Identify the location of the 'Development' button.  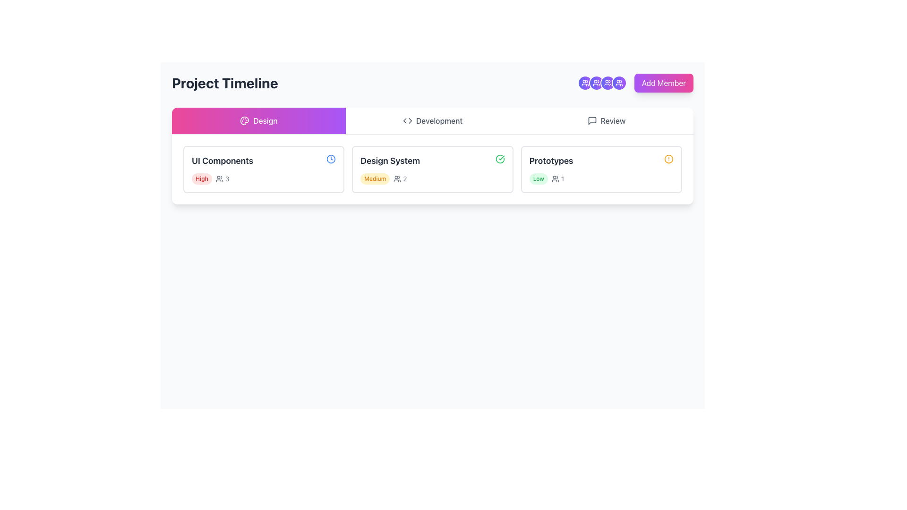
(432, 120).